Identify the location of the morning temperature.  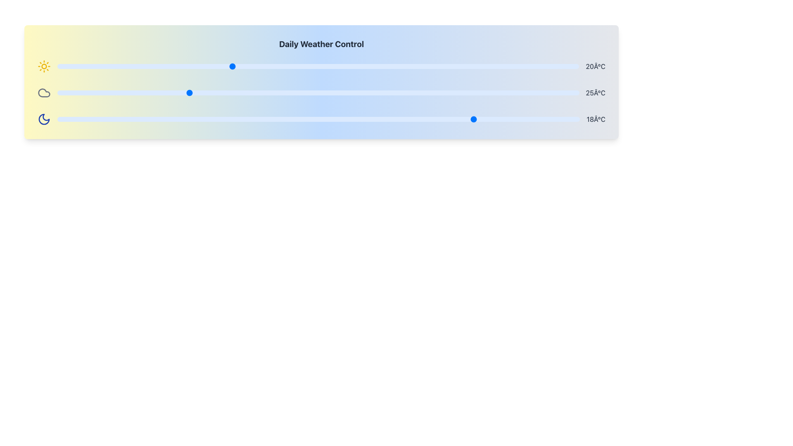
(300, 66).